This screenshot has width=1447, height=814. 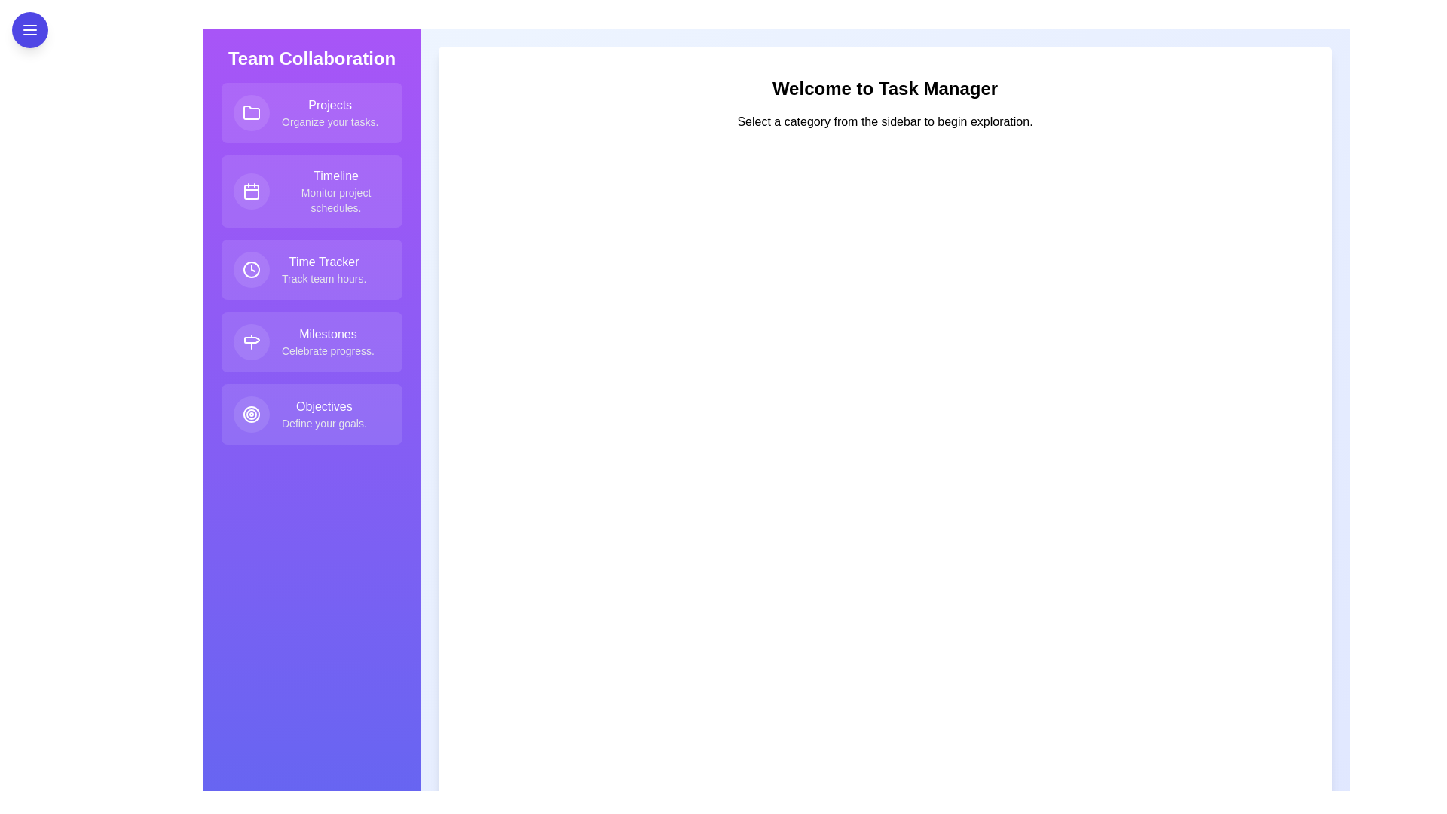 What do you see at coordinates (311, 112) in the screenshot?
I see `the feature item labeled 'Projects' to view its hover effect` at bounding box center [311, 112].